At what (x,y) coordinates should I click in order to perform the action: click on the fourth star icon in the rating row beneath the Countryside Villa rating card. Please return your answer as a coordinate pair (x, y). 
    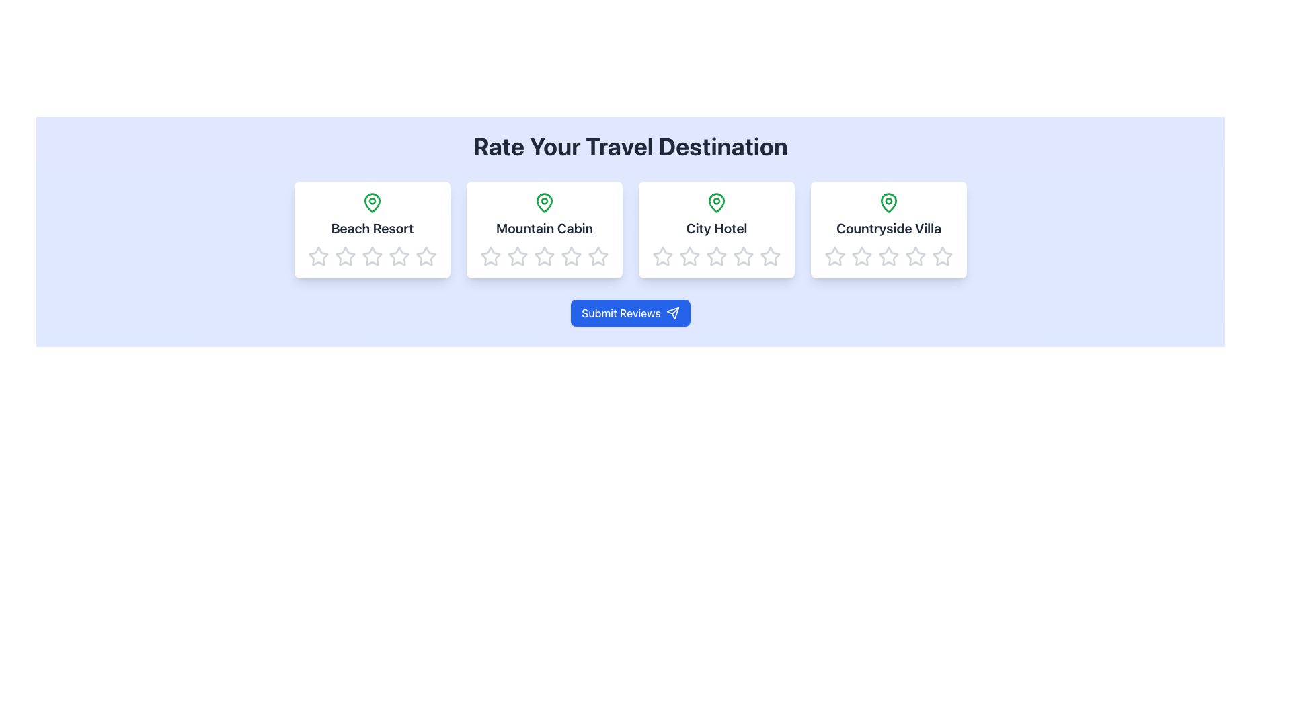
    Looking at the image, I should click on (888, 256).